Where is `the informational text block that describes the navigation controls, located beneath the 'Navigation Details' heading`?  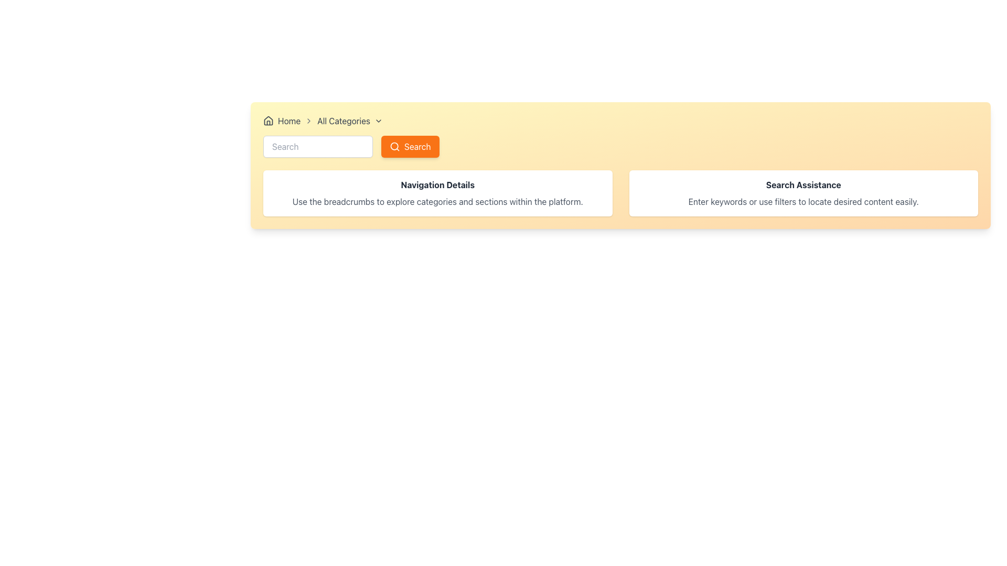 the informational text block that describes the navigation controls, located beneath the 'Navigation Details' heading is located at coordinates (437, 202).